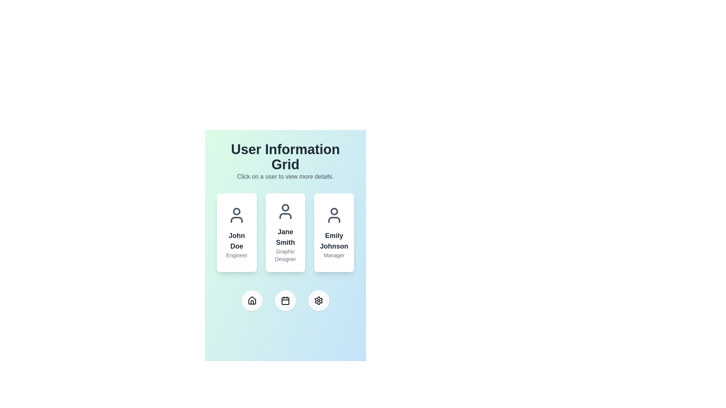 The height and width of the screenshot is (408, 726). Describe the element at coordinates (285, 237) in the screenshot. I see `the text label that displays the user's name, located in the middle card of a user grid, positioned above the 'Graphic Designer' text` at that location.